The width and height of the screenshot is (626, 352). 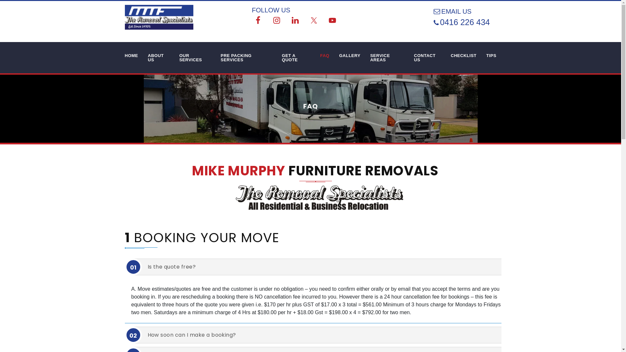 What do you see at coordinates (349, 55) in the screenshot?
I see `'GALLERY'` at bounding box center [349, 55].